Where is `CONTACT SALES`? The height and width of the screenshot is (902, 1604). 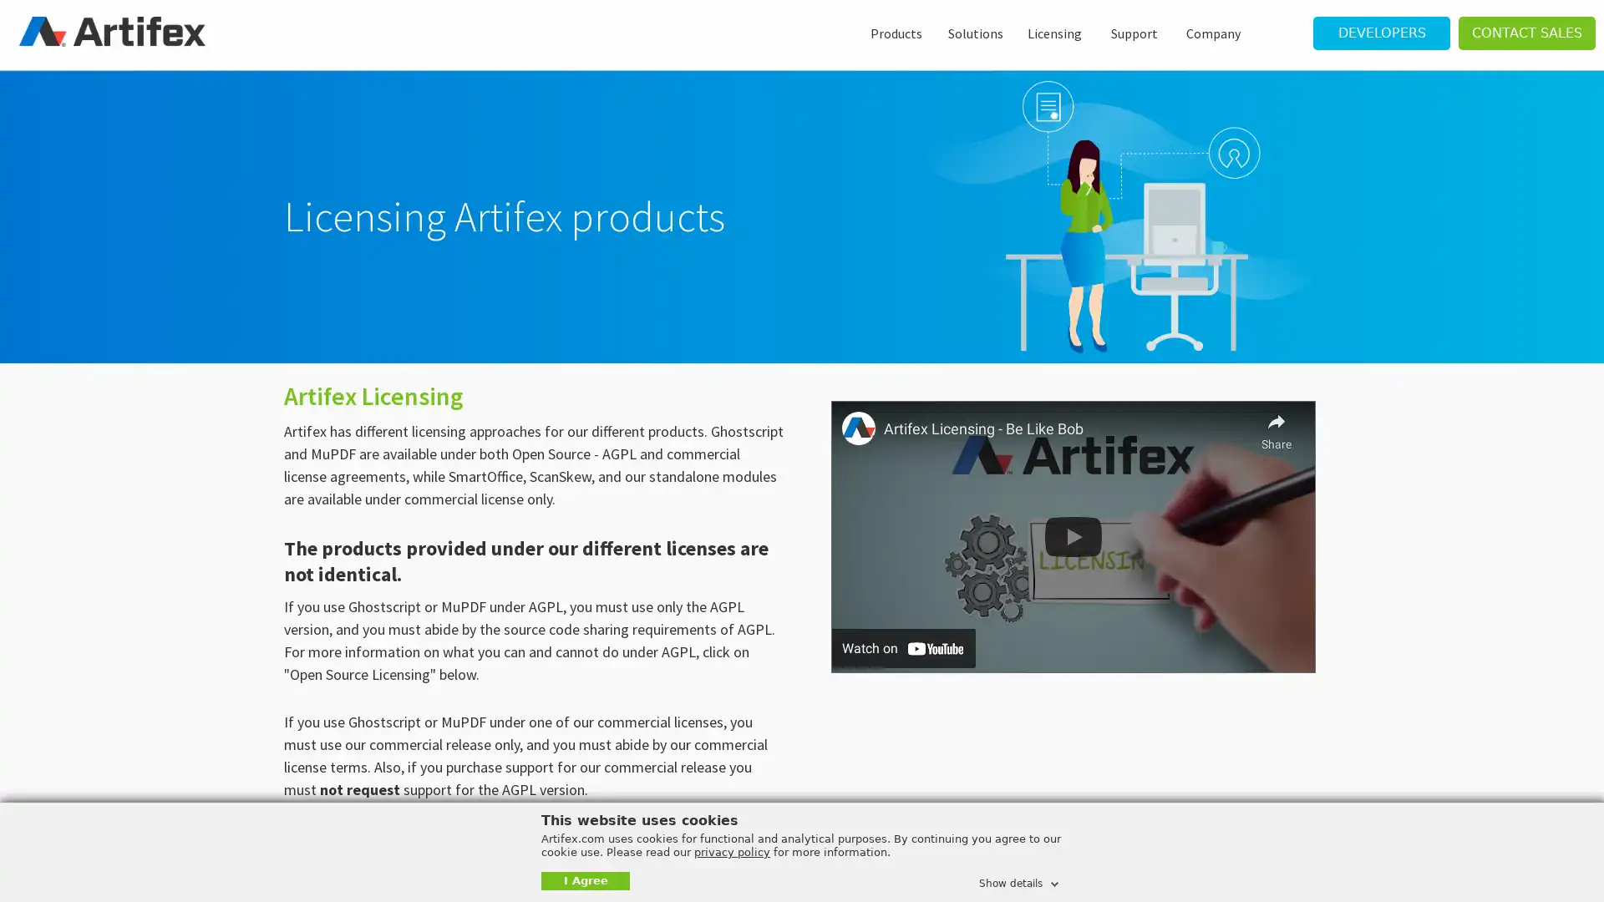 CONTACT SALES is located at coordinates (1527, 33).